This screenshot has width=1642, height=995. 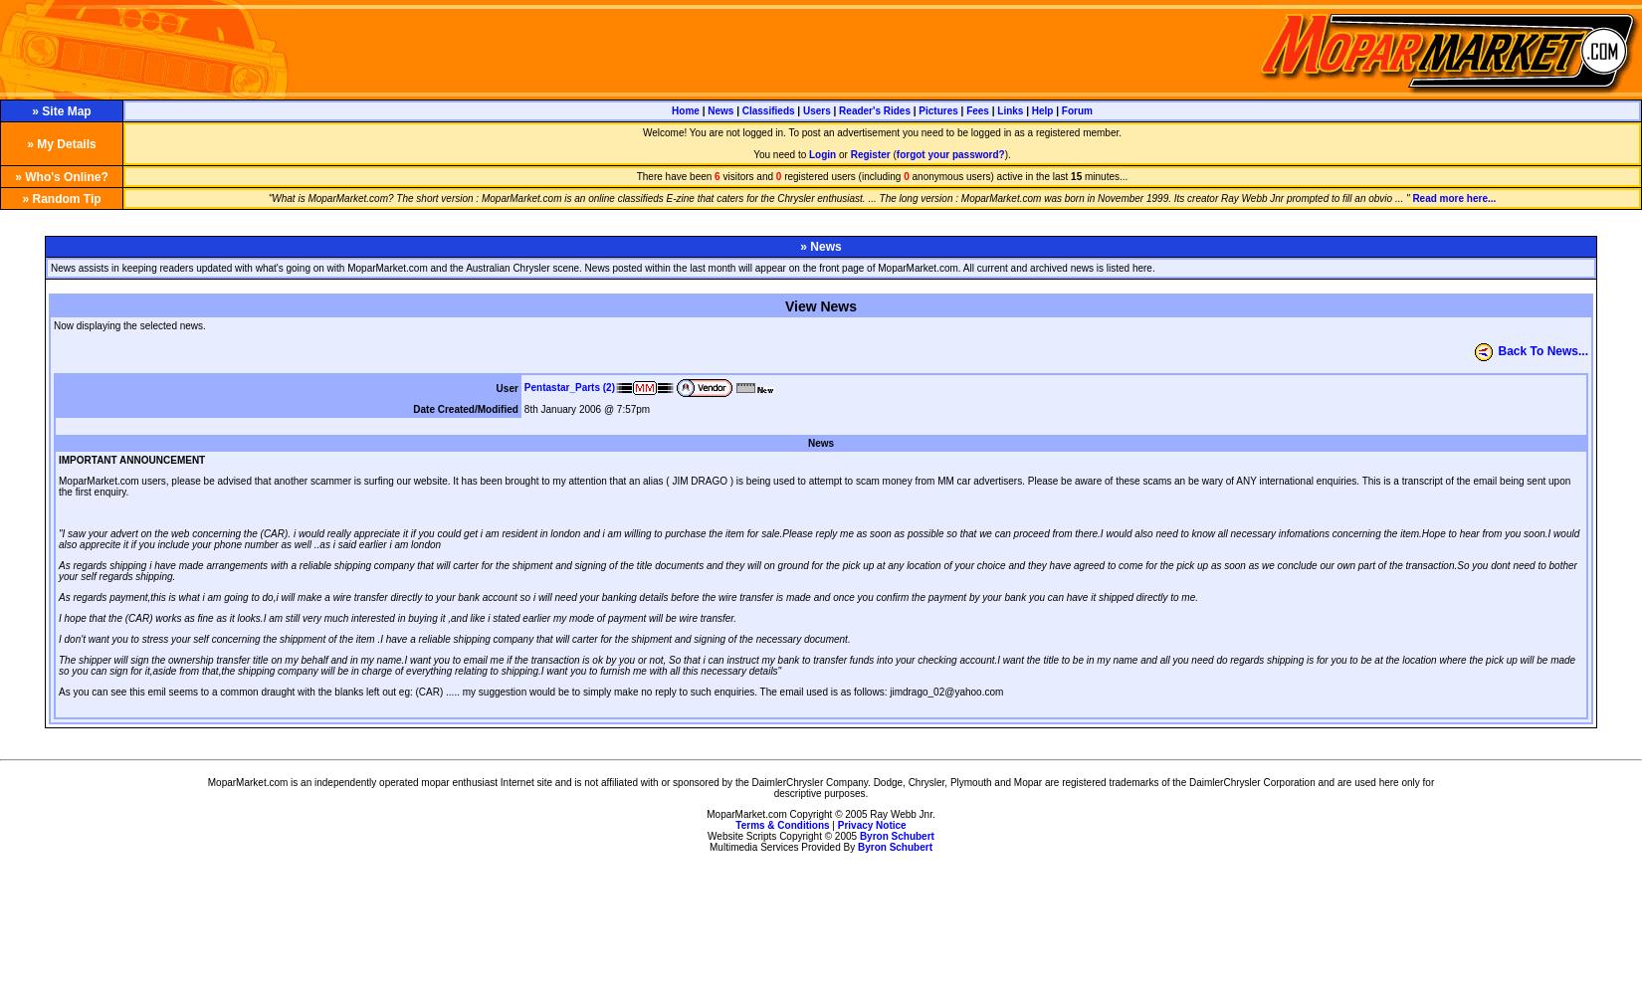 What do you see at coordinates (937, 109) in the screenshot?
I see `'Pictures'` at bounding box center [937, 109].